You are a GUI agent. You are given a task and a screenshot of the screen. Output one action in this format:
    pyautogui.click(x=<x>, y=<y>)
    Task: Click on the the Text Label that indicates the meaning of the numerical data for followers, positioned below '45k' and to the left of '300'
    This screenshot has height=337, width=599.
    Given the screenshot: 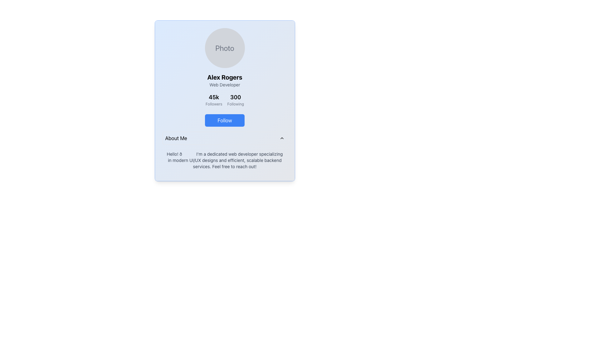 What is the action you would take?
    pyautogui.click(x=214, y=104)
    